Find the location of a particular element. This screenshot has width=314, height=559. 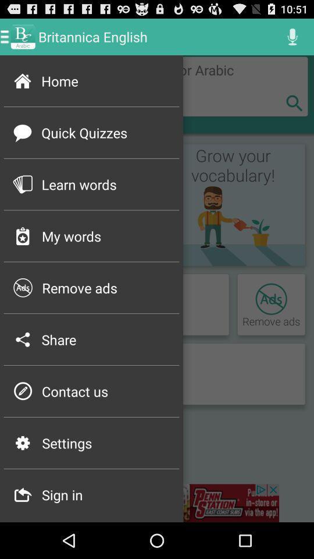

the w item is located at coordinates (23, 339).